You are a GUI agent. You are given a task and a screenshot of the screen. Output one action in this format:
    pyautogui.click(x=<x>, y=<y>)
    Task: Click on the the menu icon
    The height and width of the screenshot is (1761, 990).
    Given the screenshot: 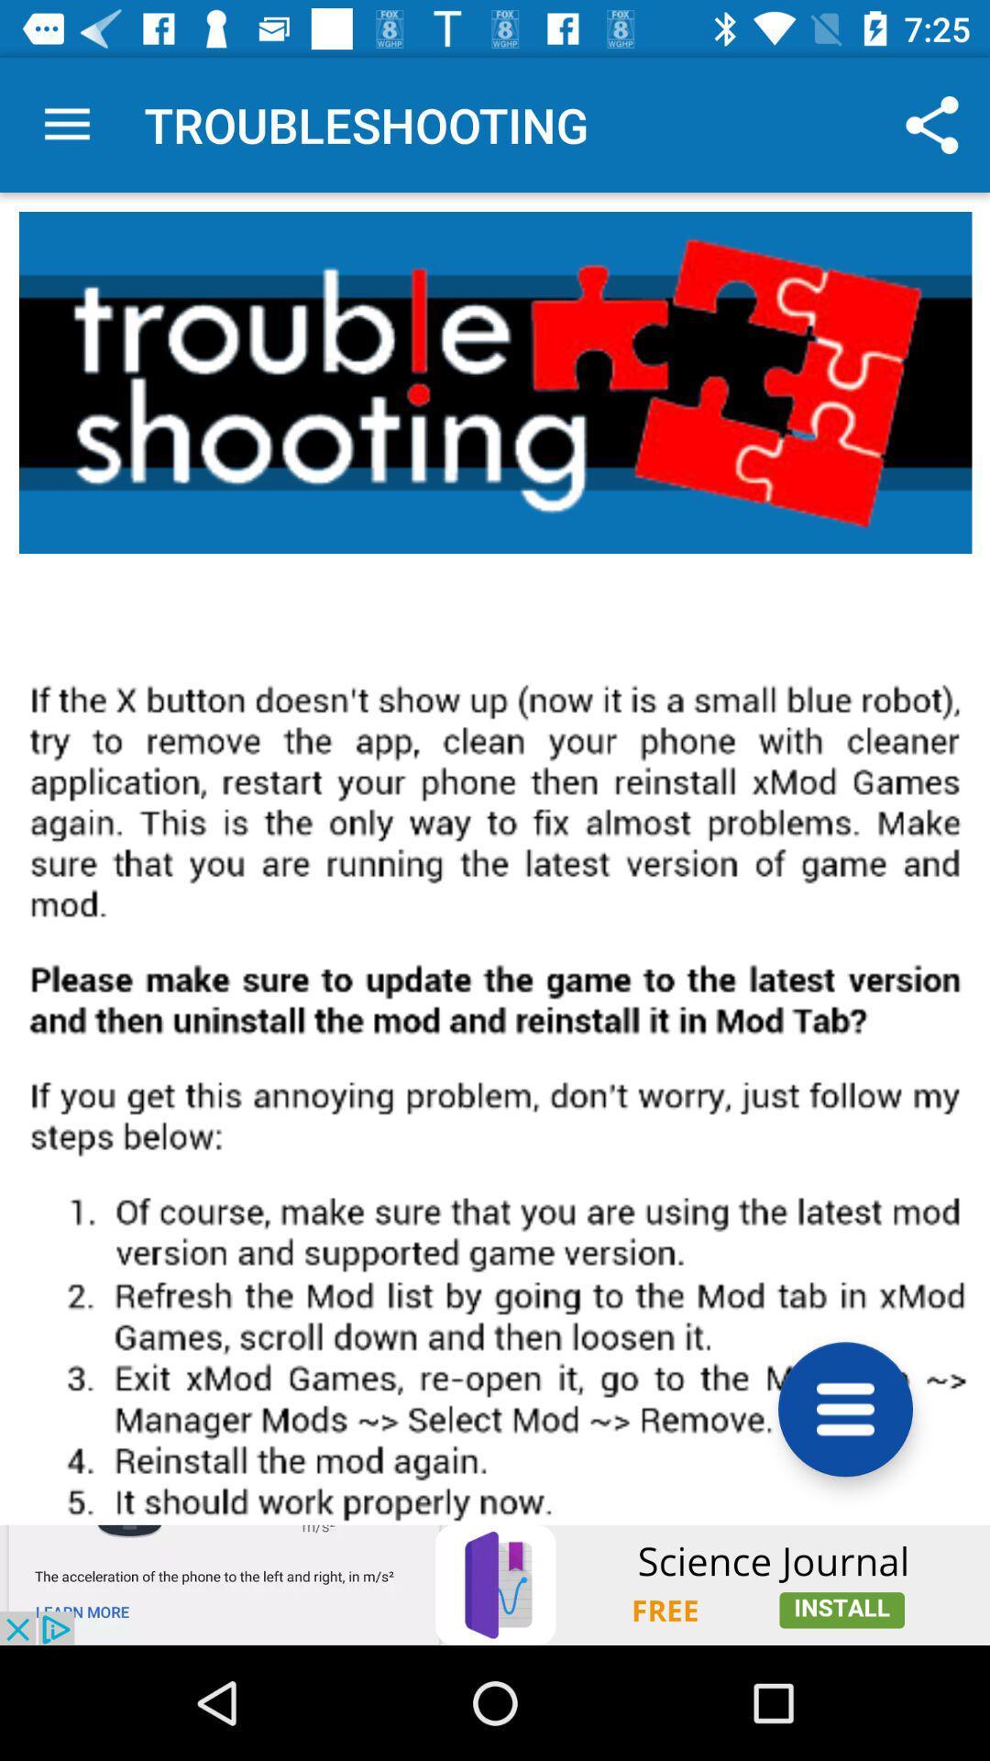 What is the action you would take?
    pyautogui.click(x=845, y=1408)
    